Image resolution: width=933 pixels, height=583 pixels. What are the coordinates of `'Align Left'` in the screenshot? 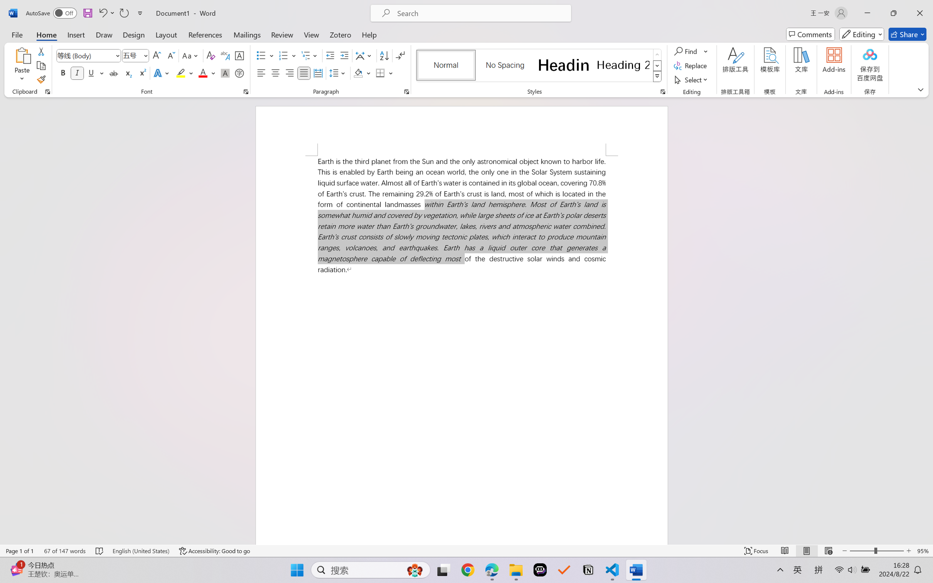 It's located at (261, 72).